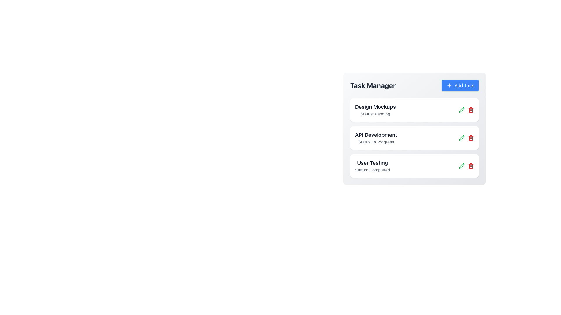  I want to click on the static text label displaying 'Status: Completed' located beneath the 'User Testing' task card in the vertical list of task statuses, so click(372, 170).